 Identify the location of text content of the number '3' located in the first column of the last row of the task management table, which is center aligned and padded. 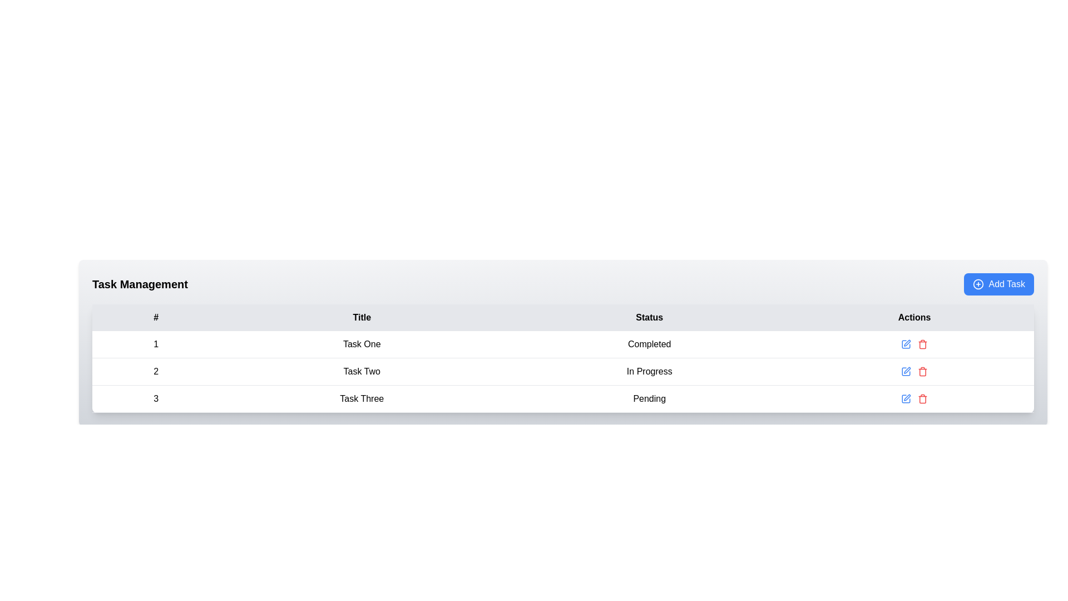
(155, 398).